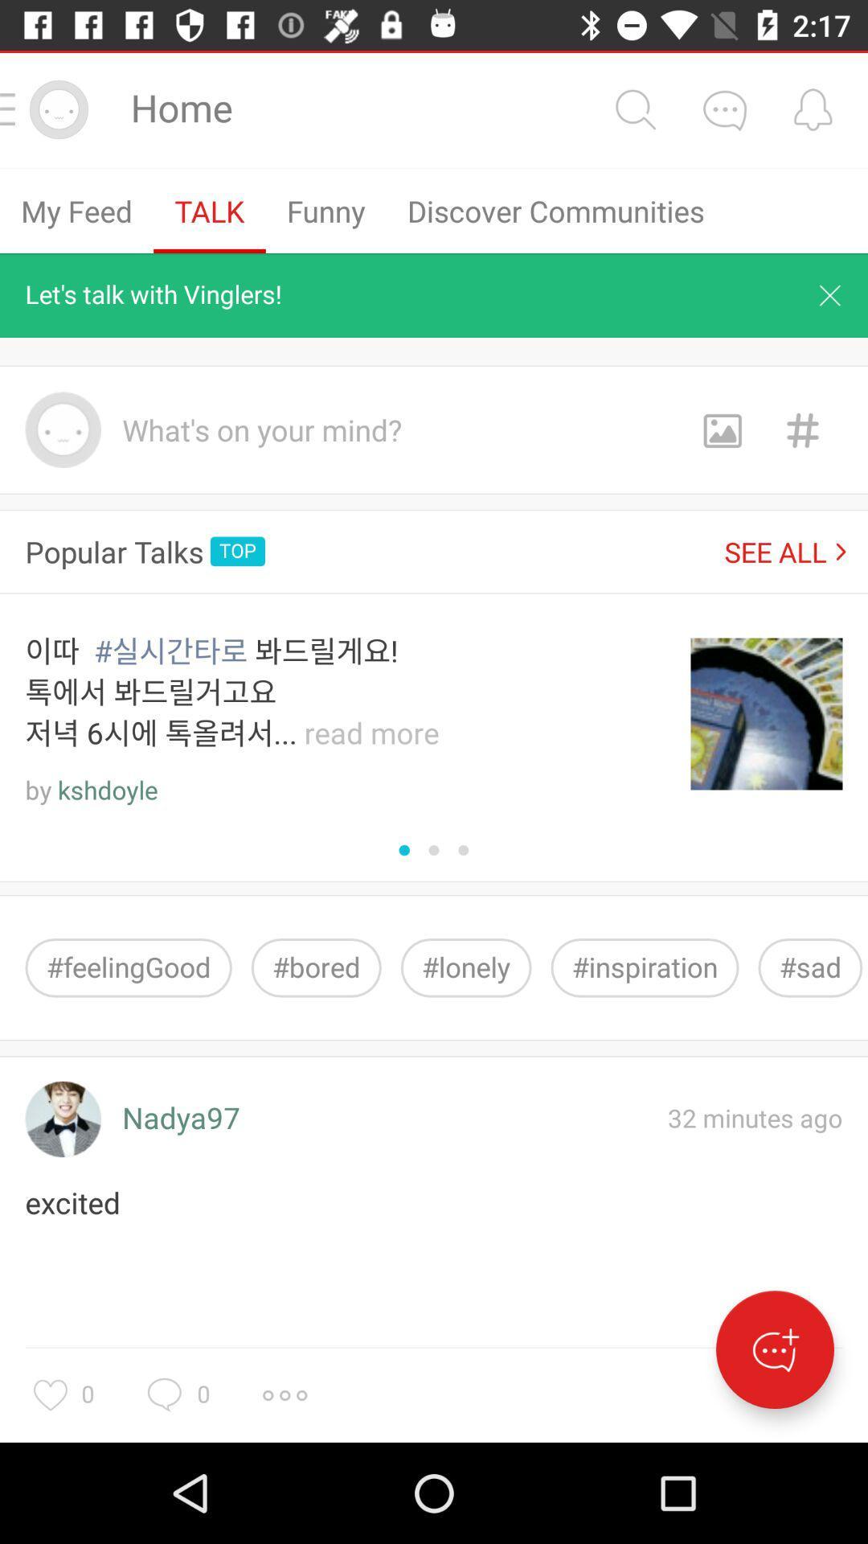 The image size is (868, 1544). I want to click on start a search, so click(634, 109).